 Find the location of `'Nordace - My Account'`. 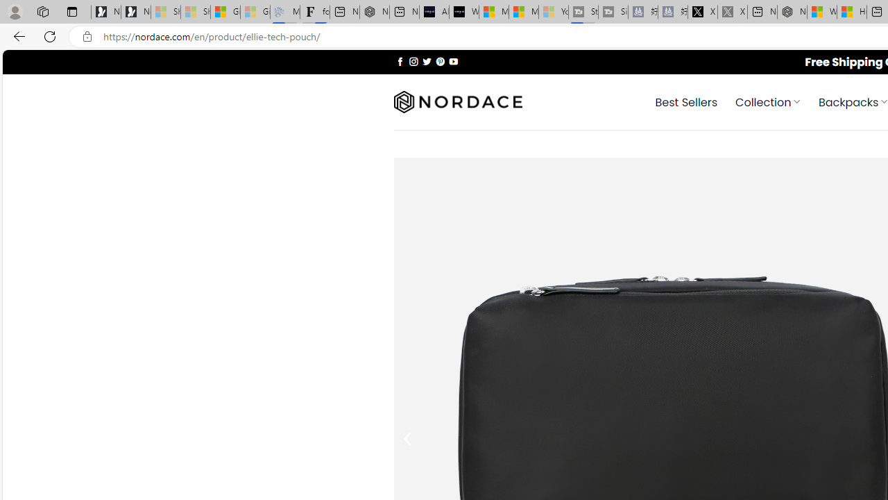

'Nordace - My Account' is located at coordinates (792, 12).